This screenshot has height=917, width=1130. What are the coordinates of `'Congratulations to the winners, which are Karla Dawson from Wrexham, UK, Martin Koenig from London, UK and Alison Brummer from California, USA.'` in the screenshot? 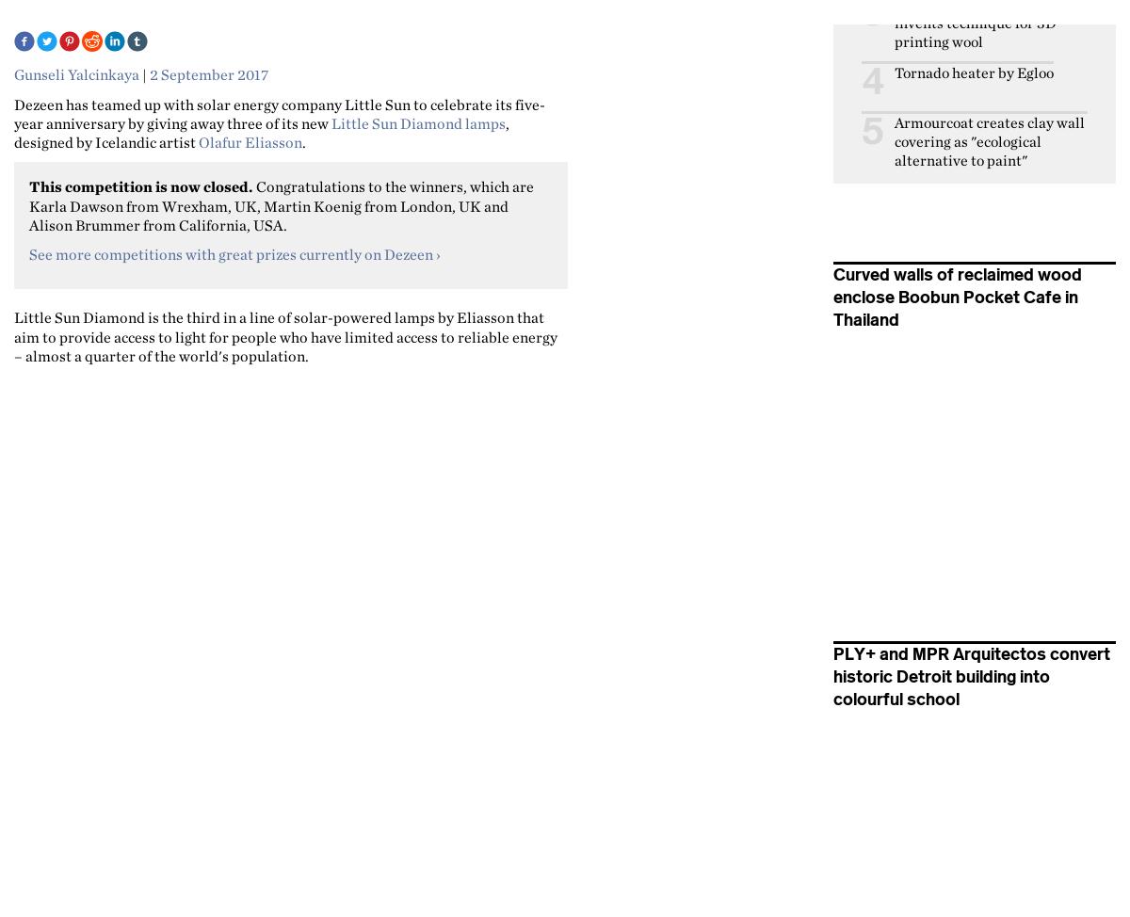 It's located at (281, 204).